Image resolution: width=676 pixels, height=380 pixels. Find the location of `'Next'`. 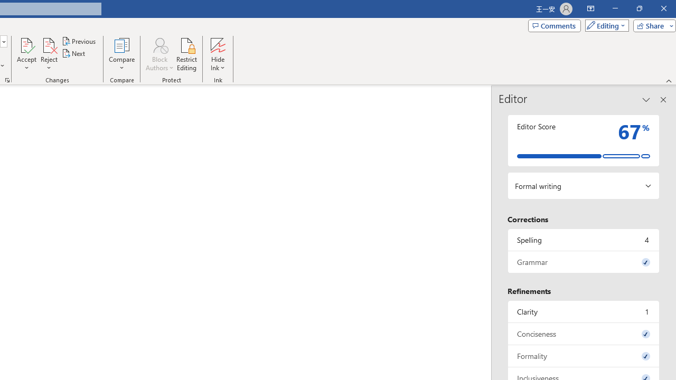

'Next' is located at coordinates (73, 53).